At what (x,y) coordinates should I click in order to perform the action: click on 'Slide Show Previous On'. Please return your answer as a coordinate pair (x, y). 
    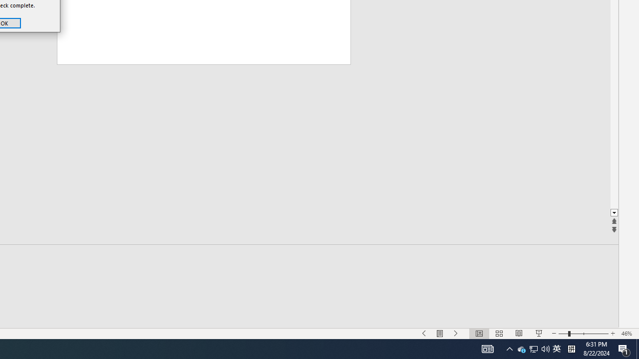
    Looking at the image, I should click on (424, 334).